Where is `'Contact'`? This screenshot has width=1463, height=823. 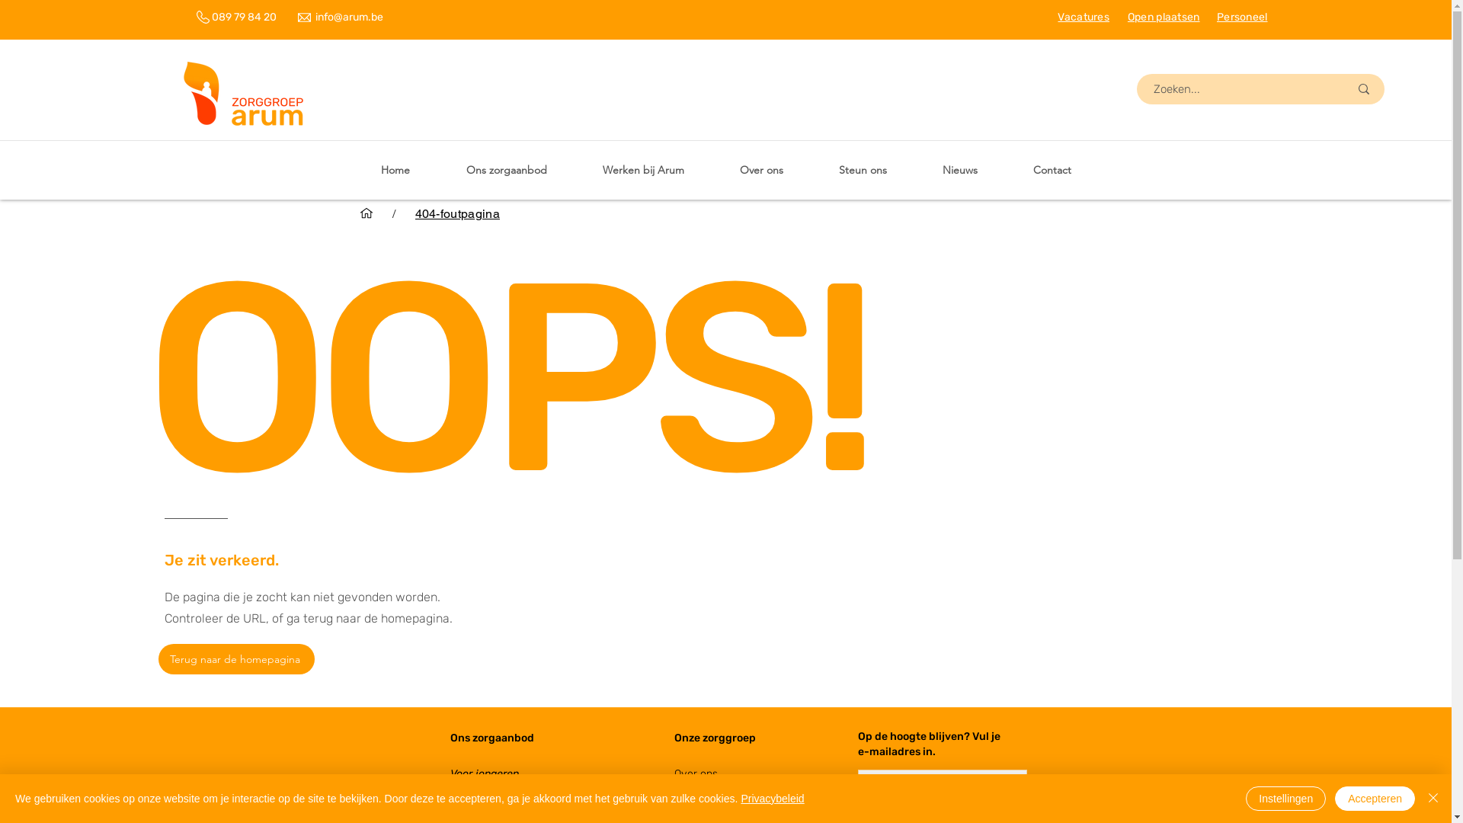 'Contact' is located at coordinates (1052, 170).